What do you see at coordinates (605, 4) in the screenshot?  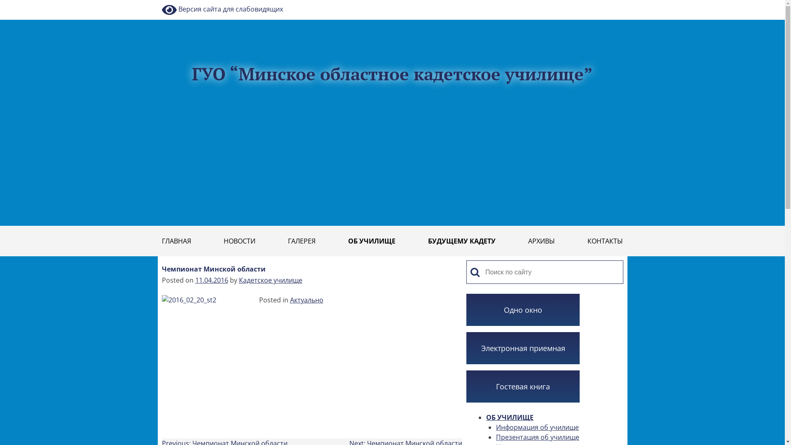 I see `'Belarusian'` at bounding box center [605, 4].